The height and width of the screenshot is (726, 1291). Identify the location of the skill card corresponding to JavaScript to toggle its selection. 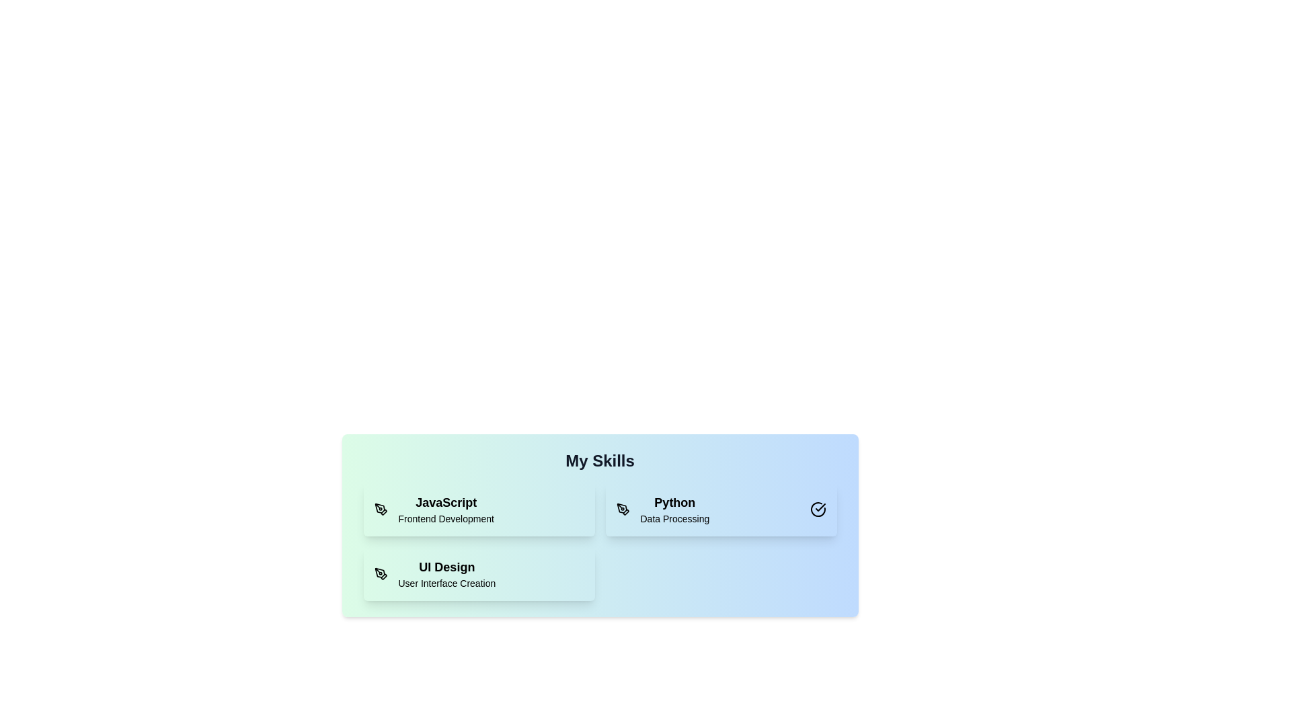
(479, 510).